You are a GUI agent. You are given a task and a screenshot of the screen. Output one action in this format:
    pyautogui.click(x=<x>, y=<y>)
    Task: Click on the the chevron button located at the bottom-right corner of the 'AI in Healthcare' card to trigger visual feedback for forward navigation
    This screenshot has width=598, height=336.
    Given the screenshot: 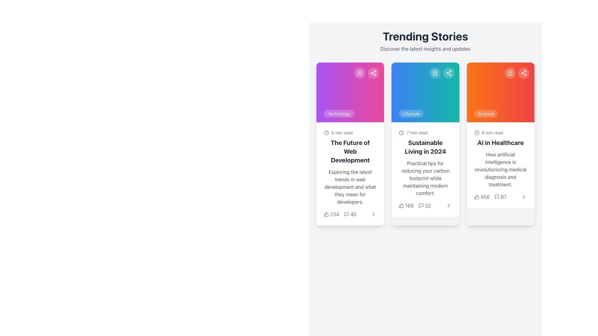 What is the action you would take?
    pyautogui.click(x=523, y=197)
    